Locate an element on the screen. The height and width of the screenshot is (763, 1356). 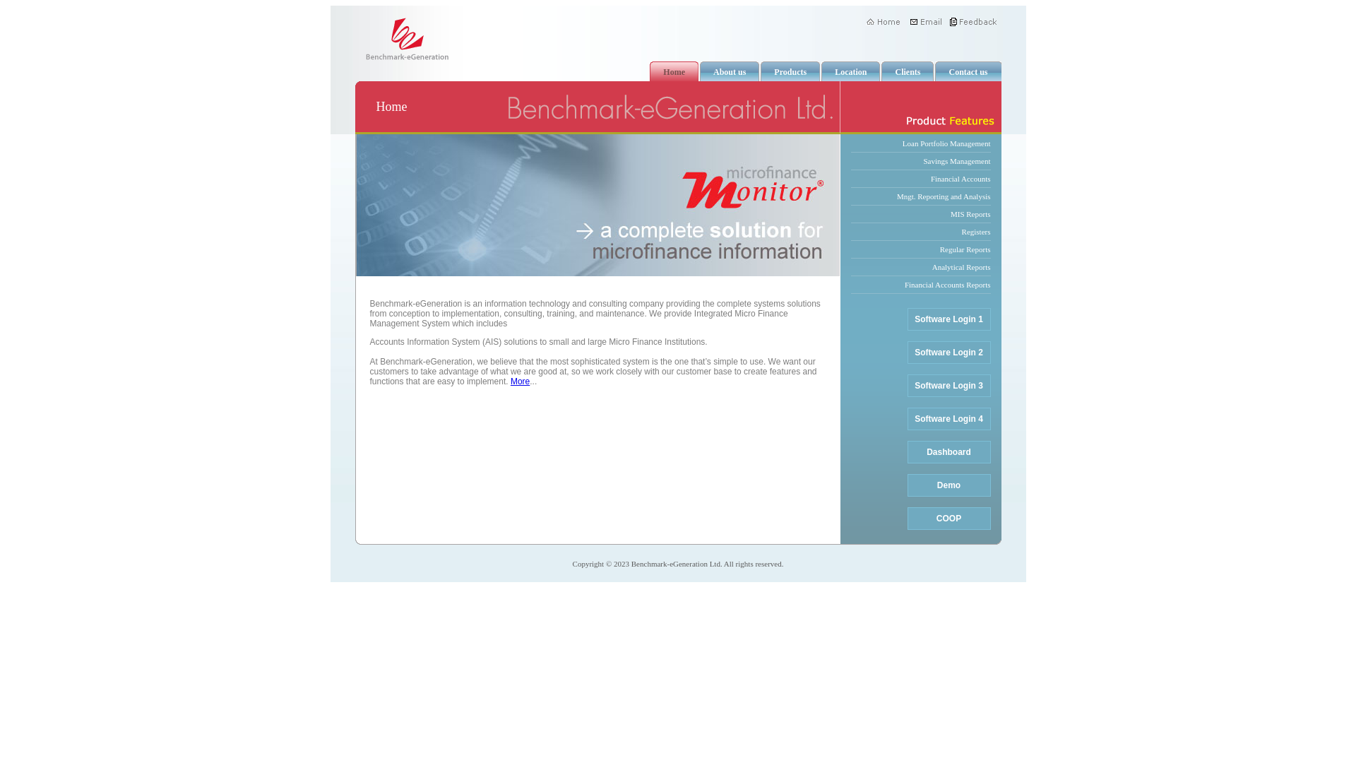
'COOP' is located at coordinates (948, 518).